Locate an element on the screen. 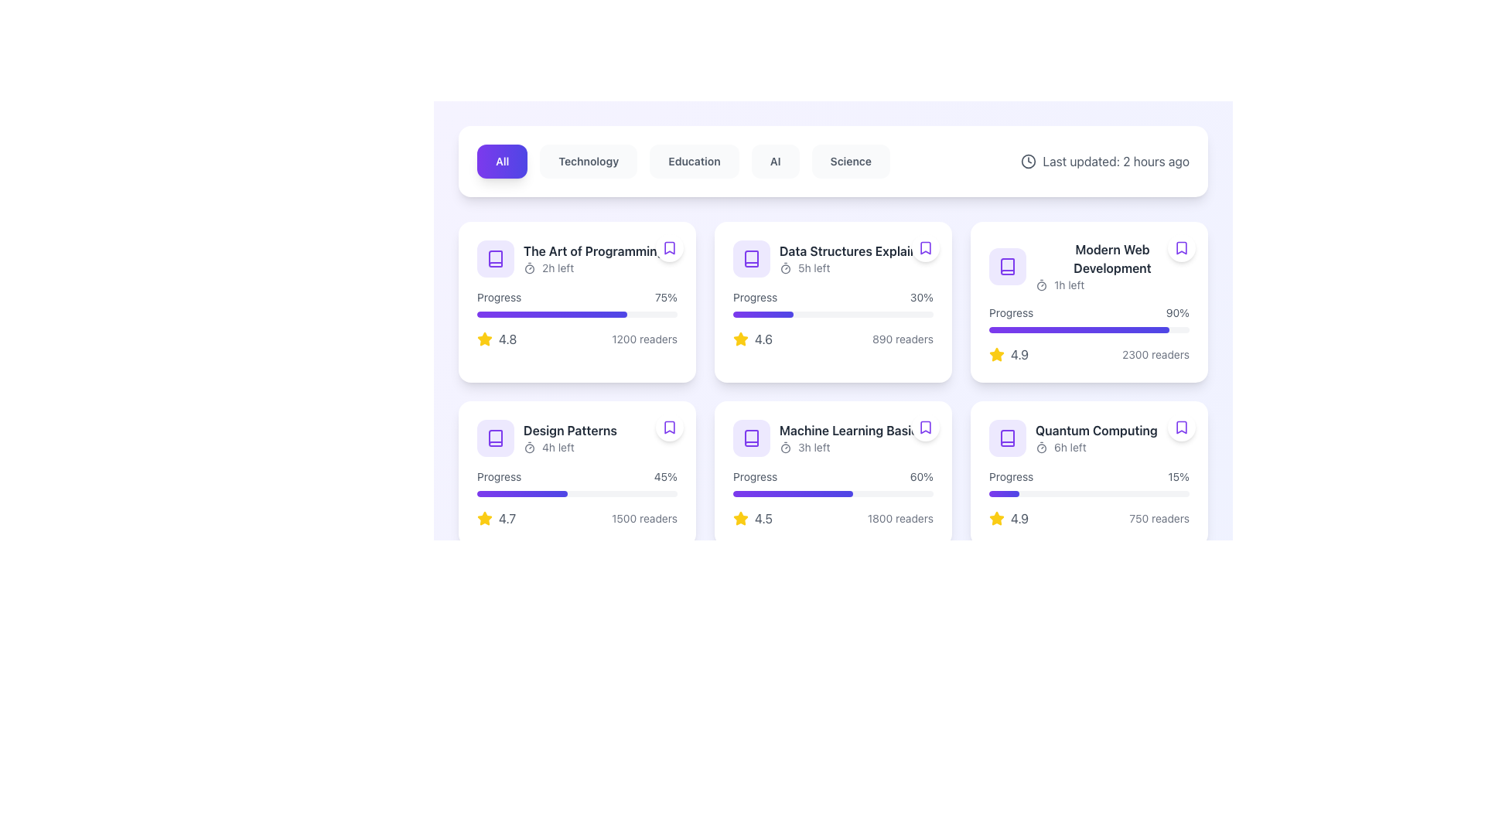 The height and width of the screenshot is (835, 1485). the rating indicator for the 'Machine Learning Basics' card, located in the lower left part below the progress bar and beside the reader count is located at coordinates (753, 519).